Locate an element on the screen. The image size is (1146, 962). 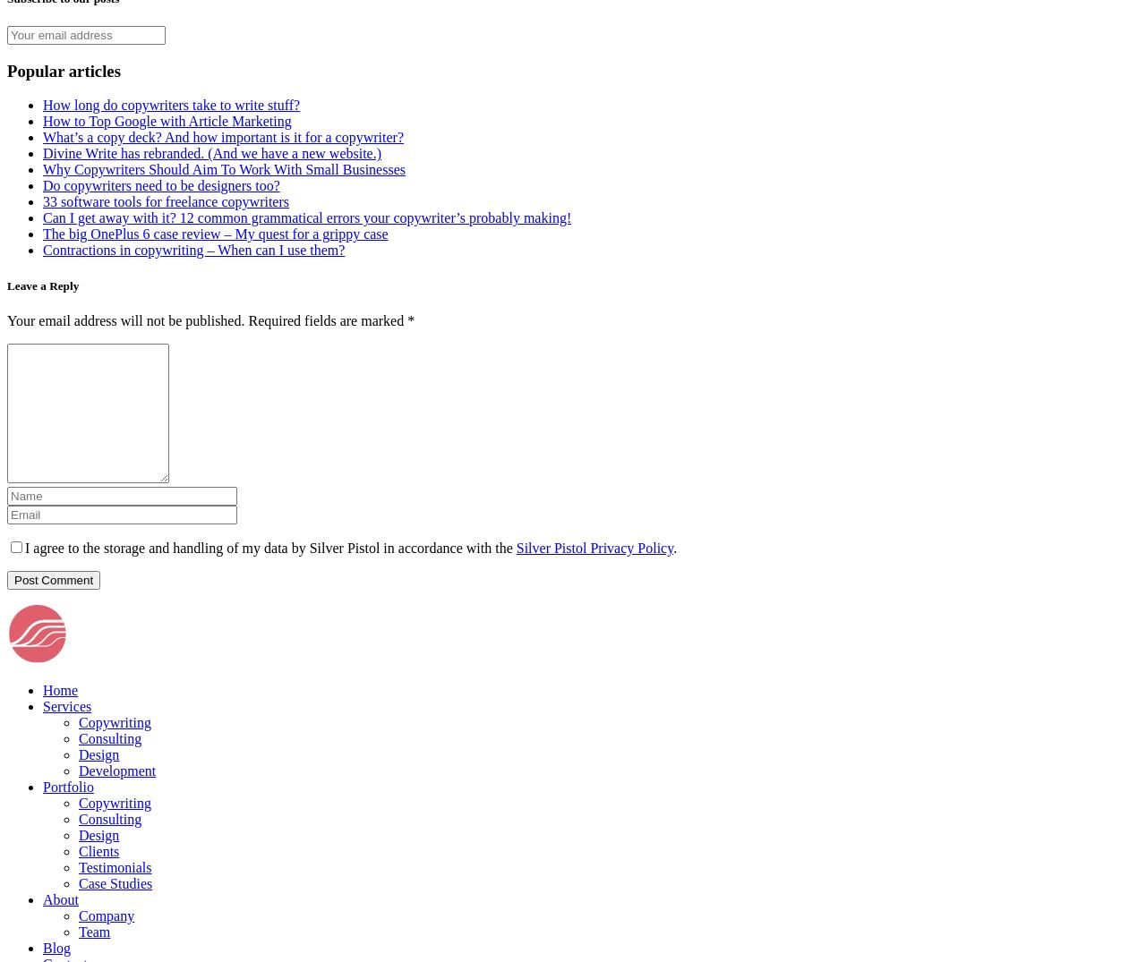
'Can I get away with it? 12 common grammatical errors your copywriter’s probably making!' is located at coordinates (307, 217).